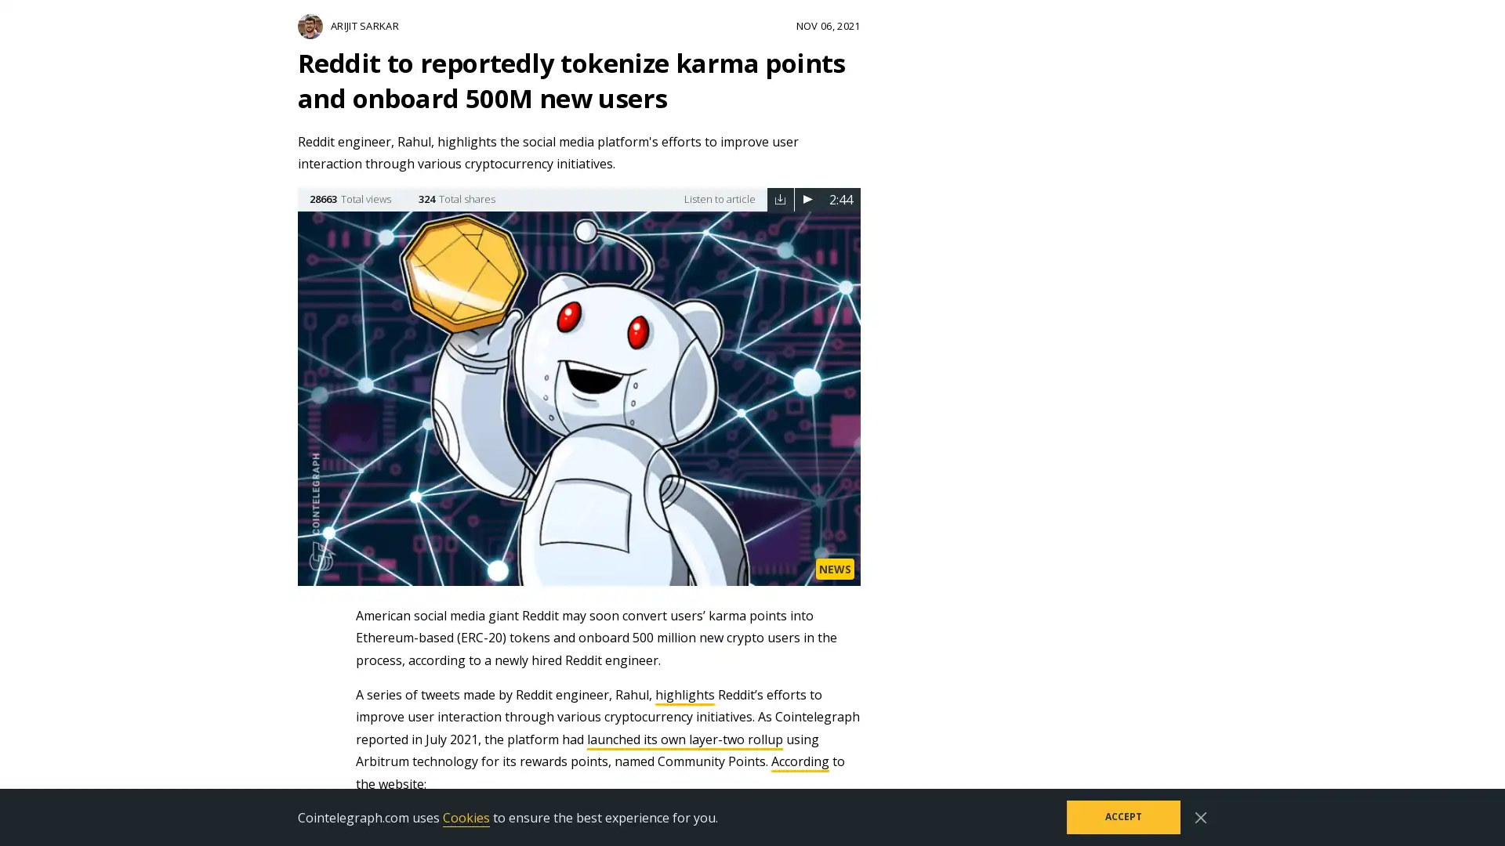  Describe the element at coordinates (1122, 816) in the screenshot. I see `ACCEPT` at that location.